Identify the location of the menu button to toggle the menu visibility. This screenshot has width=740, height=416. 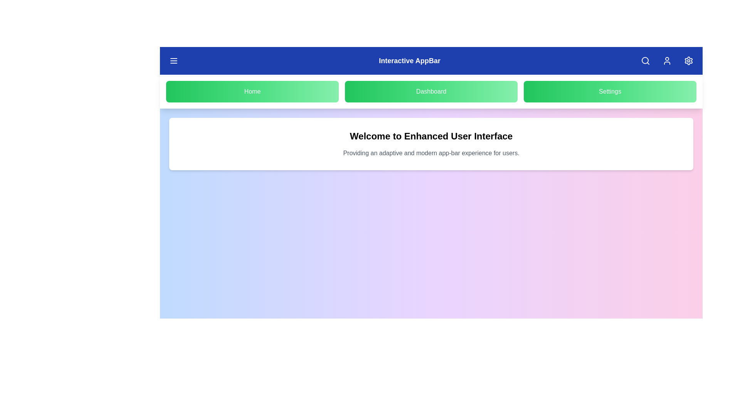
(173, 60).